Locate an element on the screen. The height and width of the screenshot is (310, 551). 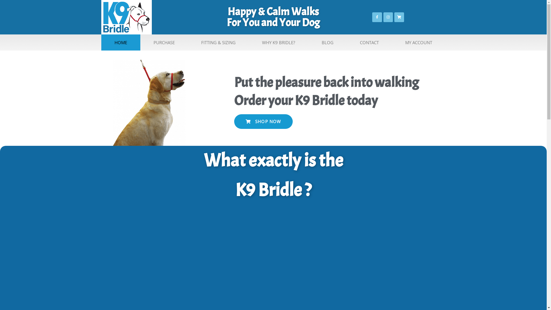
'SHOP NOW' is located at coordinates (234, 121).